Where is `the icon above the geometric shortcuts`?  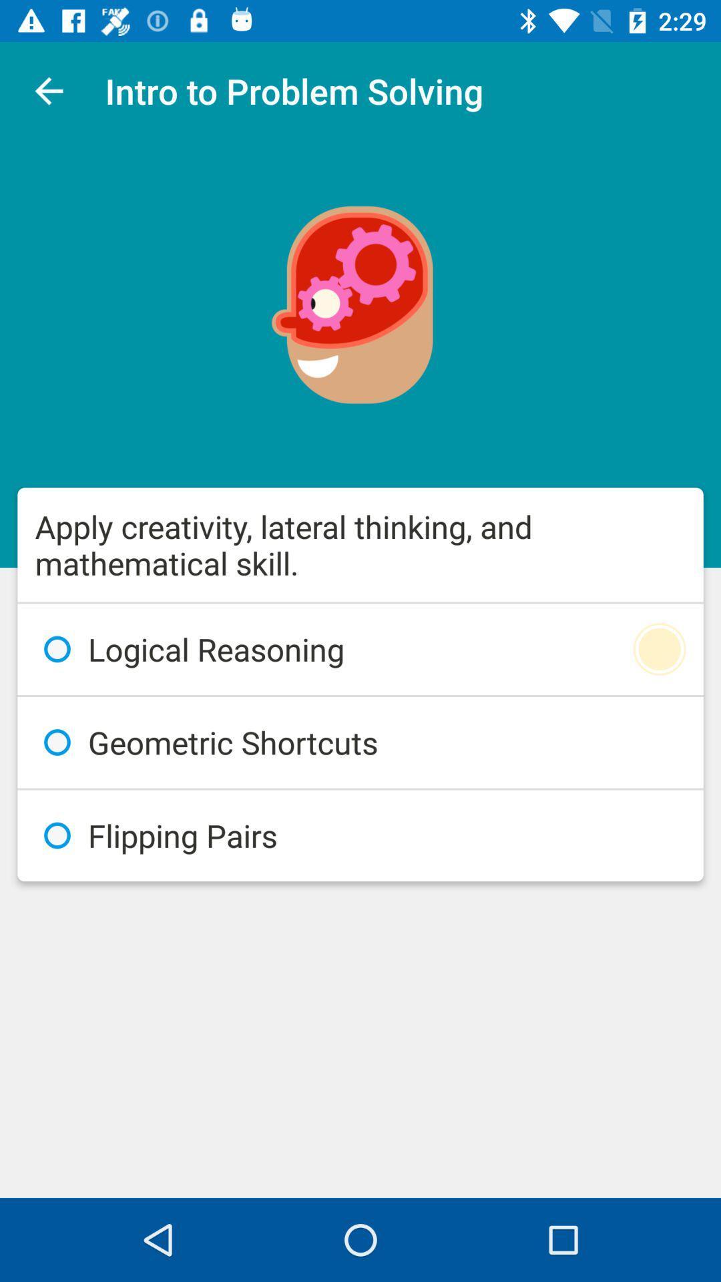
the icon above the geometric shortcuts is located at coordinates (360, 649).